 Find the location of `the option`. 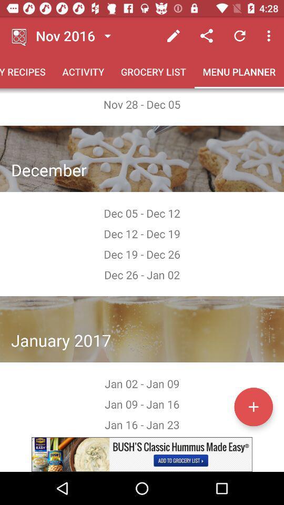

the option is located at coordinates (142, 454).